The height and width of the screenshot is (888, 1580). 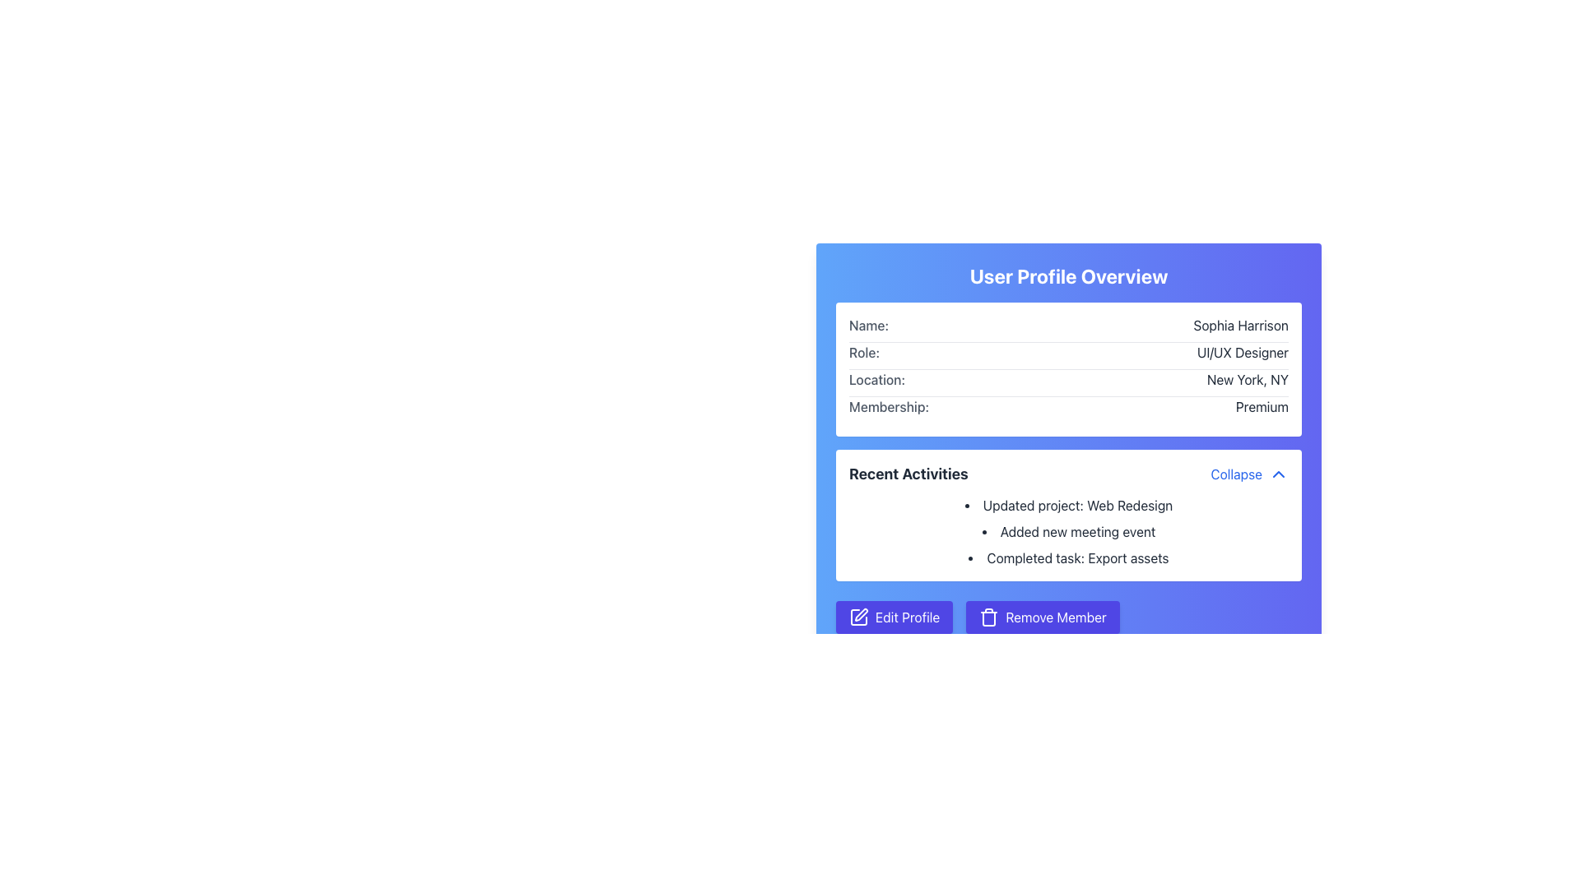 What do you see at coordinates (1249, 474) in the screenshot?
I see `the 'Collapse' button, which is a blue text label with an upward-pointing chevron icon, located on the far right of the 'Recent Activities' section header` at bounding box center [1249, 474].